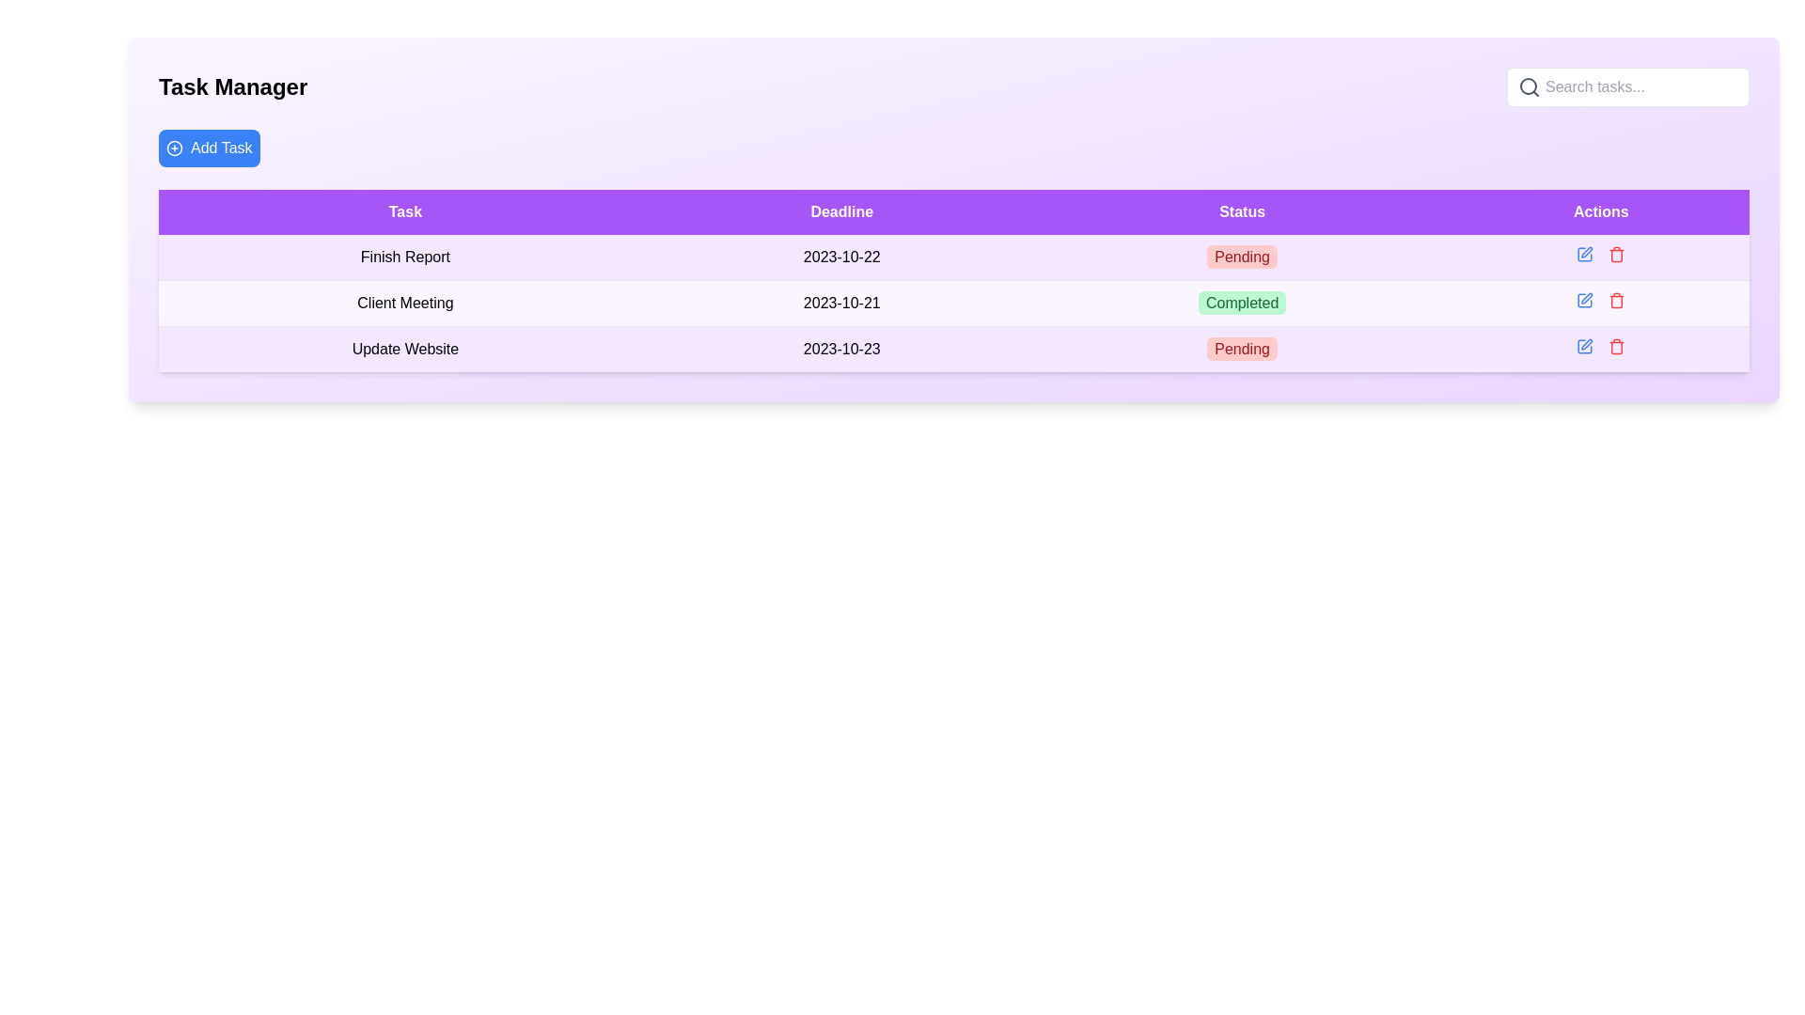  Describe the element at coordinates (404, 258) in the screenshot. I see `the task descriptor element located in the first row of the task management table under the 'Task' column header` at that location.